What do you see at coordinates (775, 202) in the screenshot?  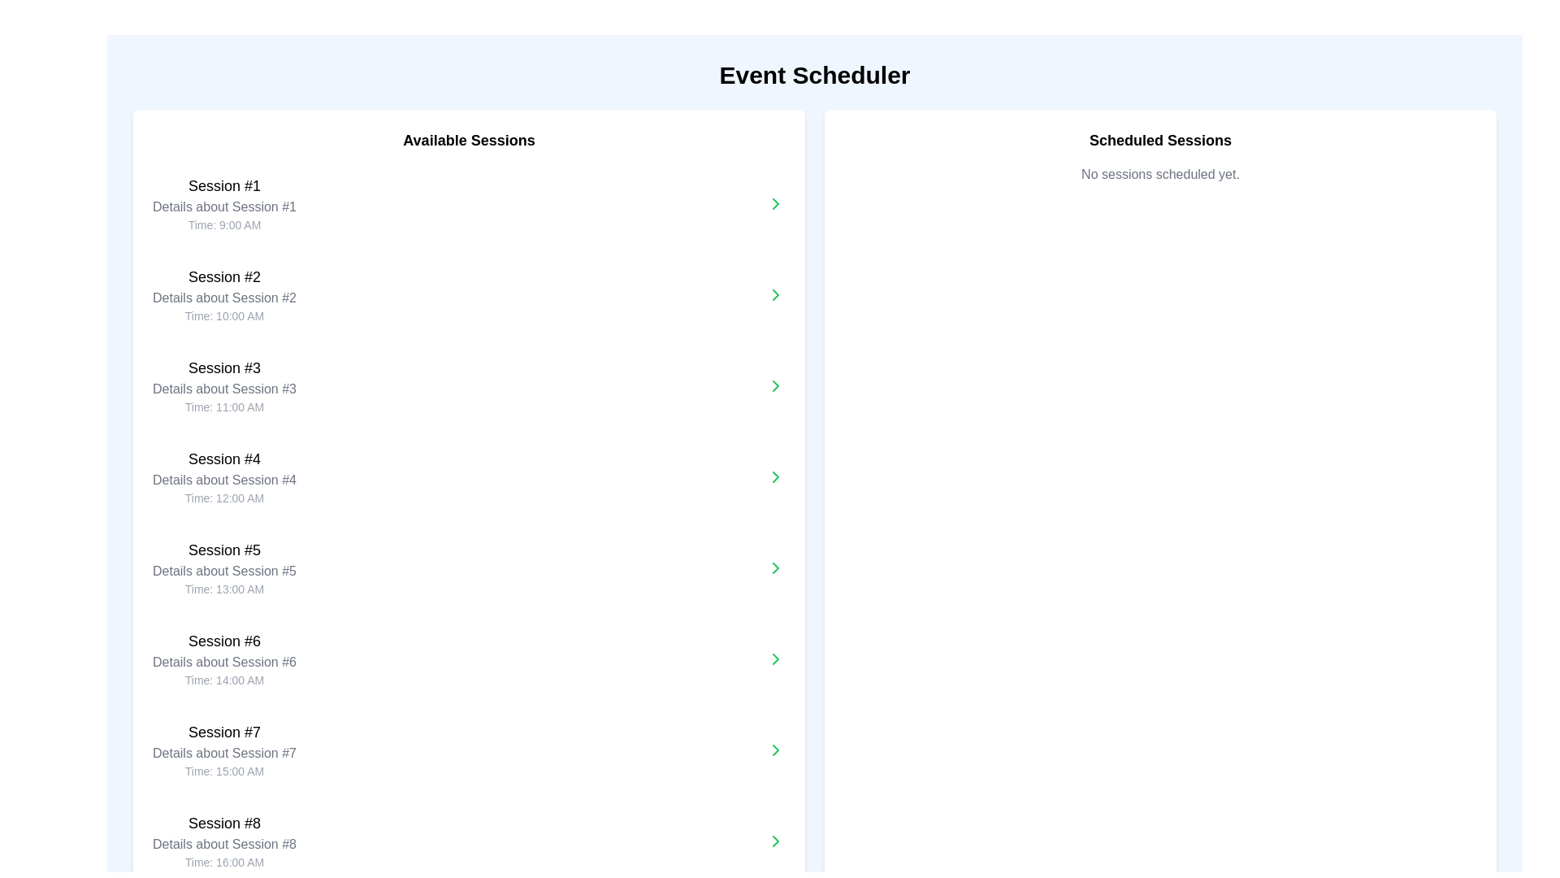 I see `the green right-facing chevron button located at the end of the 'Session #1' block to trigger the color change effect` at bounding box center [775, 202].